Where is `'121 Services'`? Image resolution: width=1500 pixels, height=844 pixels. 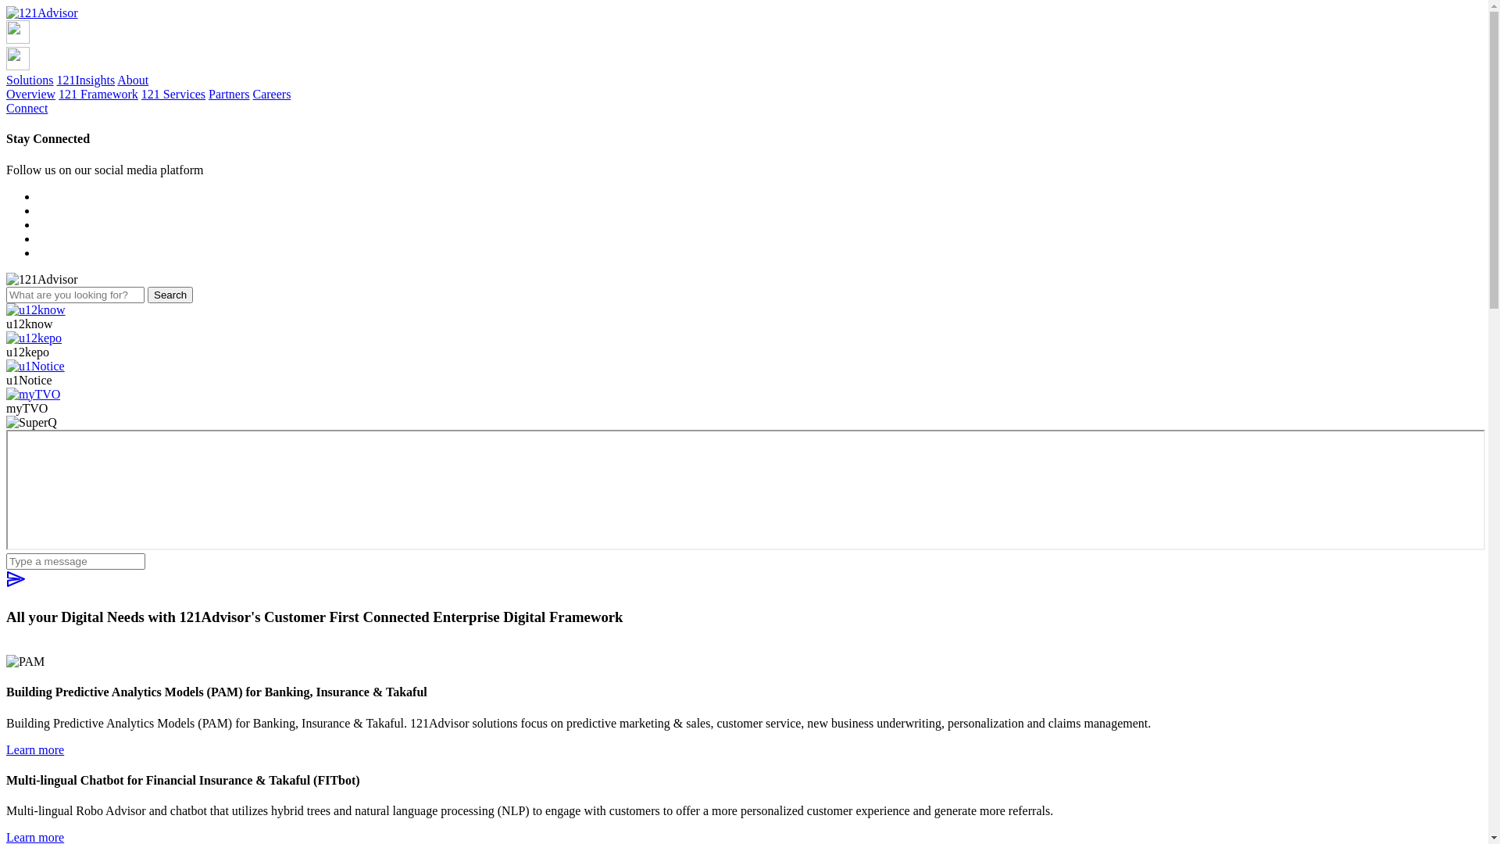
'121 Services' is located at coordinates (173, 94).